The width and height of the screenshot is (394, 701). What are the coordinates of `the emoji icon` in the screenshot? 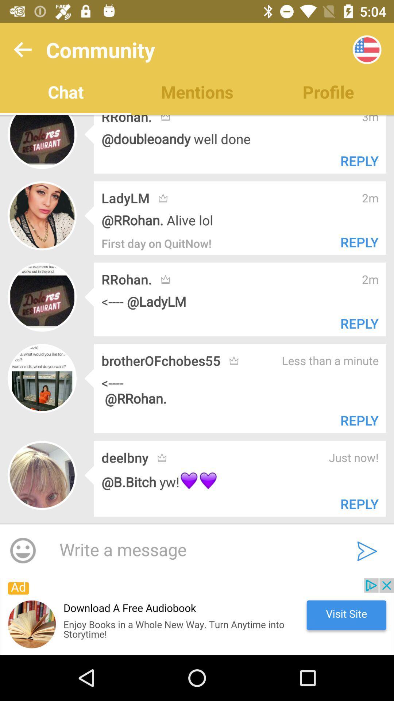 It's located at (22, 551).